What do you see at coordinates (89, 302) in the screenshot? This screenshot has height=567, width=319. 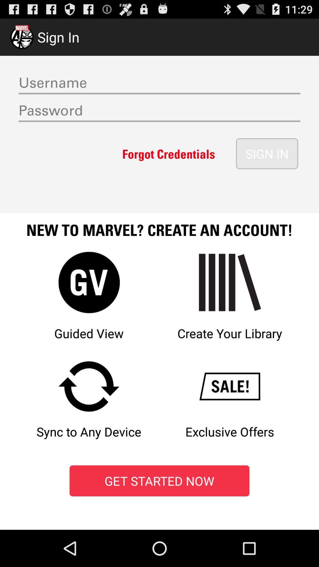 I see `option left to the text create your library` at bounding box center [89, 302].